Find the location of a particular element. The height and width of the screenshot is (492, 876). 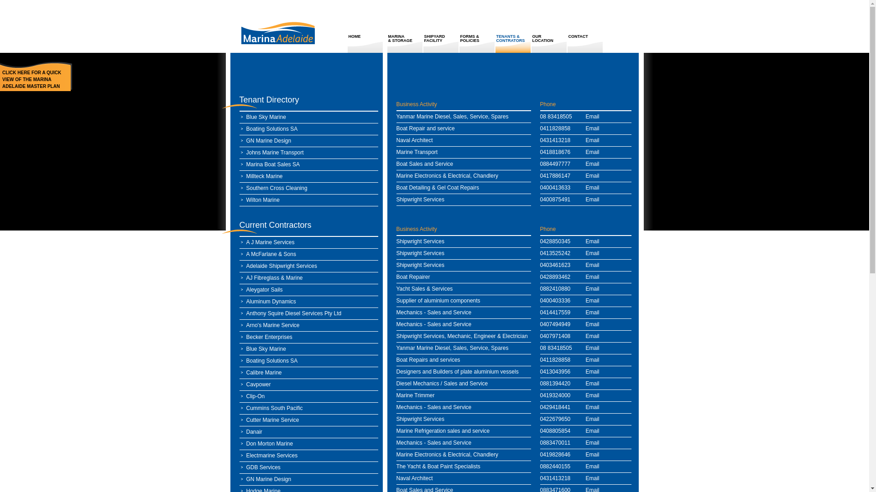

'Email' is located at coordinates (593, 348).